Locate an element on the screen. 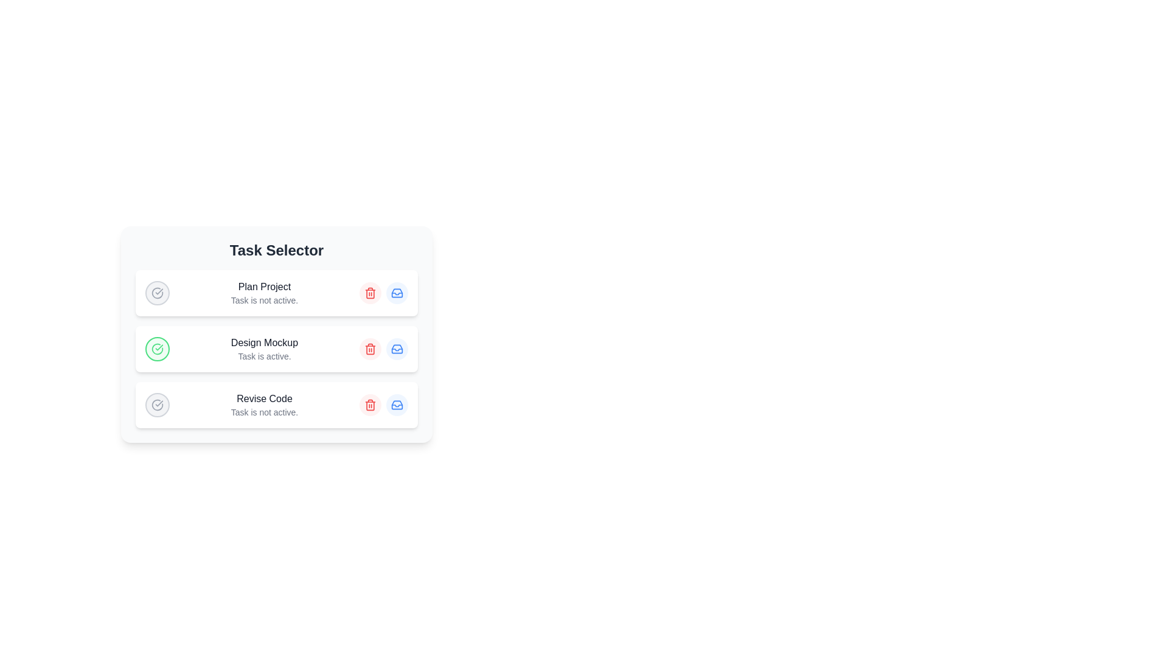 This screenshot has width=1168, height=657. the second task item in the Task Selector list is located at coordinates (276, 349).